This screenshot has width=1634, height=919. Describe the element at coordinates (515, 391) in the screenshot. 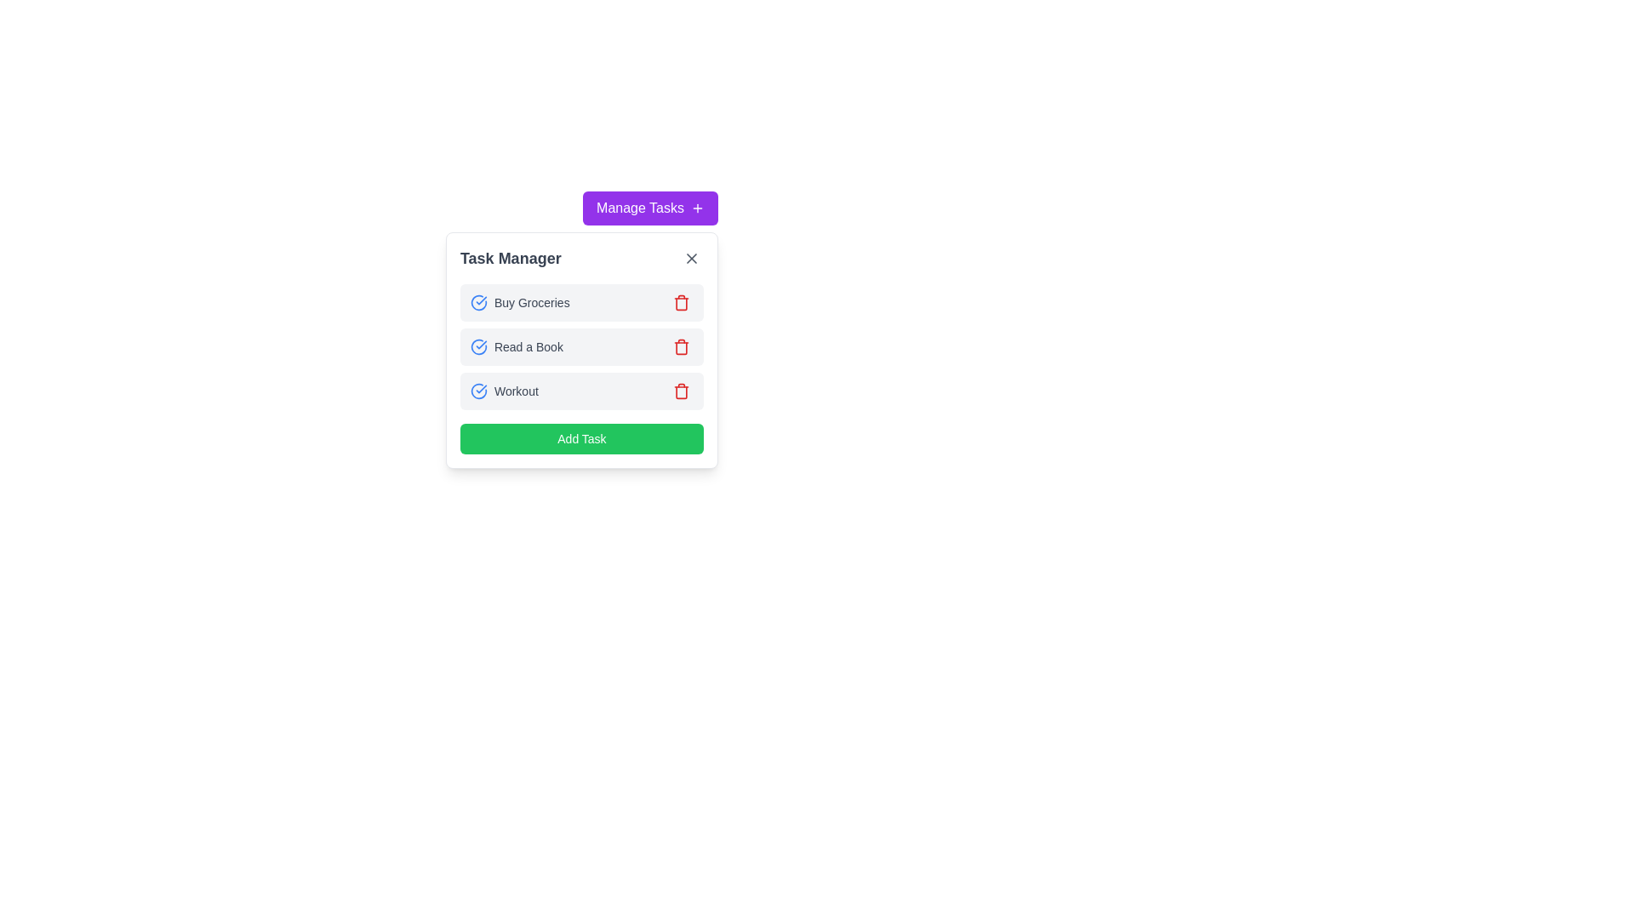

I see `the task name label located in the task management system, positioned third in the vertical task list, right-aligned with an icon, and above the 'Add Task' button` at that location.